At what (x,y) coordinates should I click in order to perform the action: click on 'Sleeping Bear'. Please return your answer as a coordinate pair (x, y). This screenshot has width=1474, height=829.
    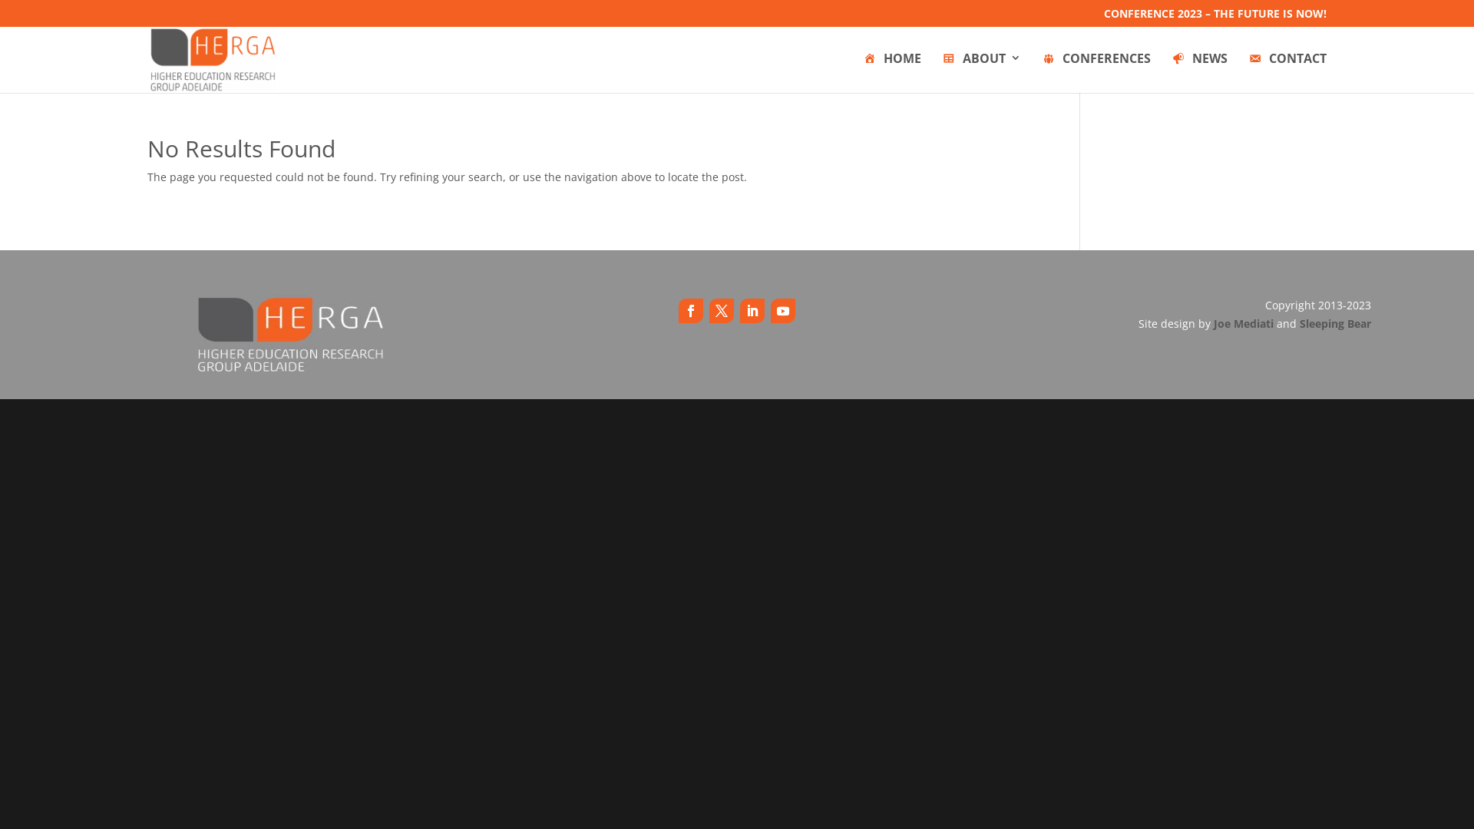
    Looking at the image, I should click on (1334, 322).